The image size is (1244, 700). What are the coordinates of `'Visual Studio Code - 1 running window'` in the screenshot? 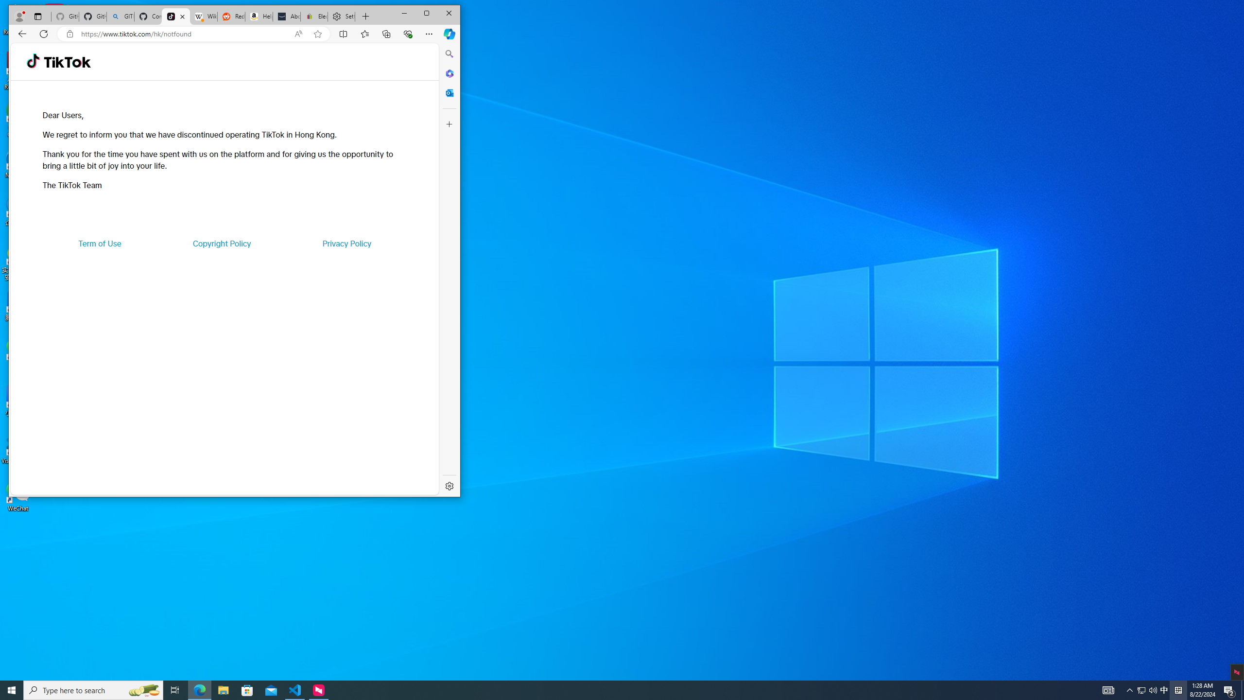 It's located at (295, 689).